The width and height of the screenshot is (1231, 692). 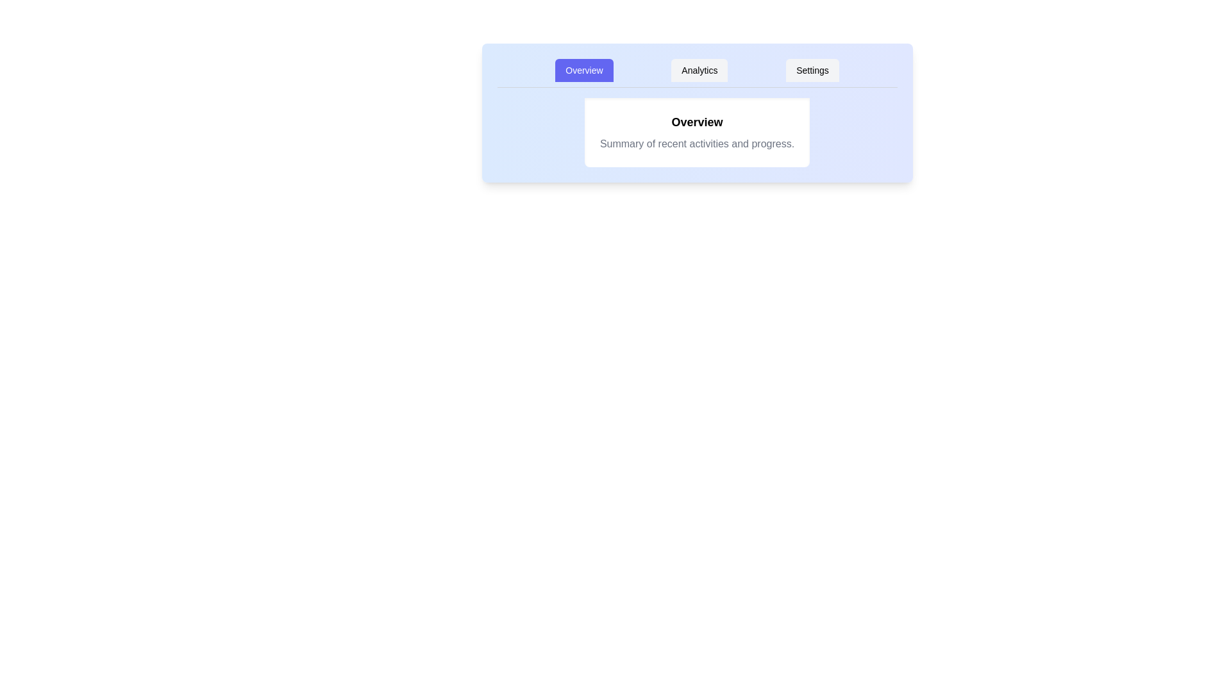 What do you see at coordinates (583, 70) in the screenshot?
I see `the Overview tab by clicking on its button` at bounding box center [583, 70].